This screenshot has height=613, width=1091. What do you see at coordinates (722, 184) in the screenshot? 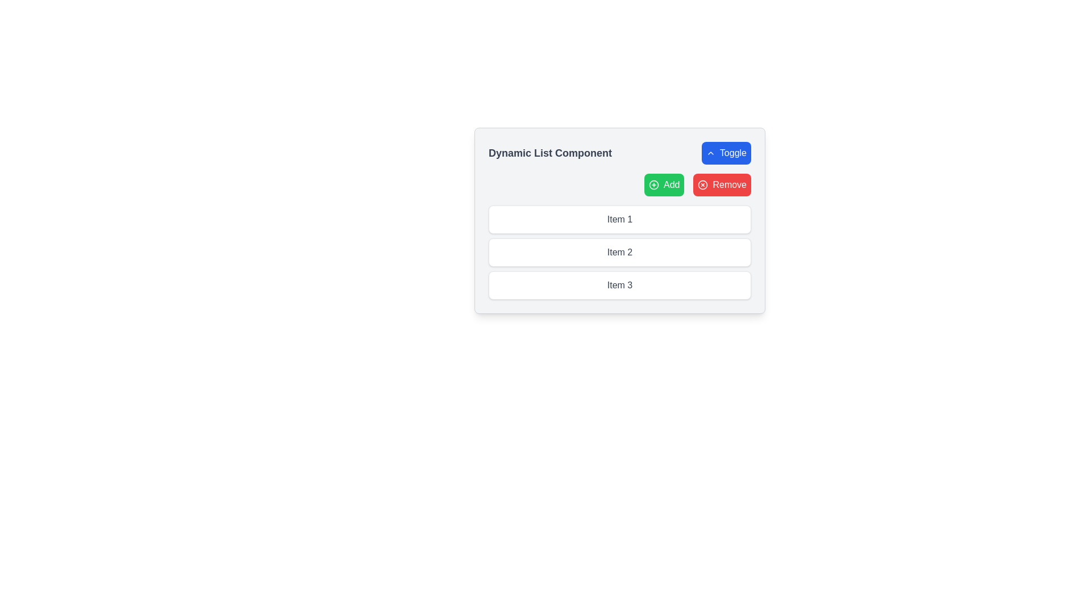
I see `the rectangular red 'Remove' button with rounded corners and white text` at bounding box center [722, 184].